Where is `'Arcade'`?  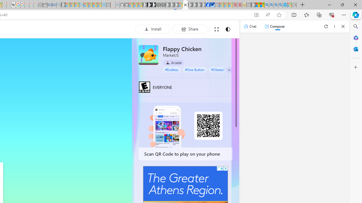
'Arcade' is located at coordinates (173, 63).